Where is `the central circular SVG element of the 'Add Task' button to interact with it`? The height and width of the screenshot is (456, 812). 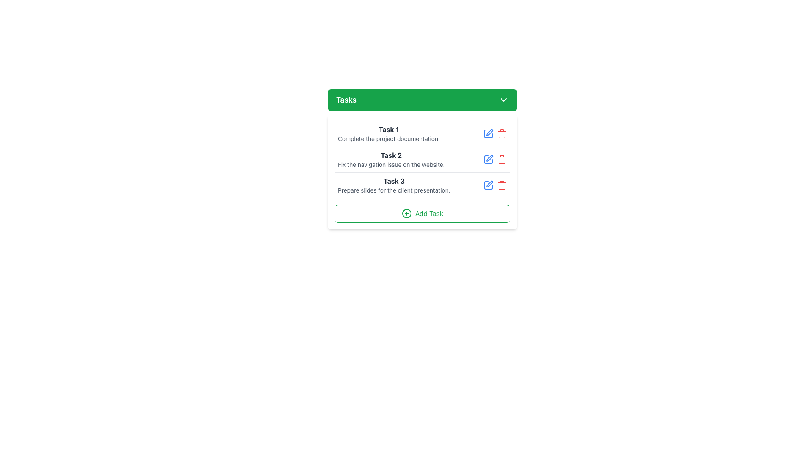
the central circular SVG element of the 'Add Task' button to interact with it is located at coordinates (406, 213).